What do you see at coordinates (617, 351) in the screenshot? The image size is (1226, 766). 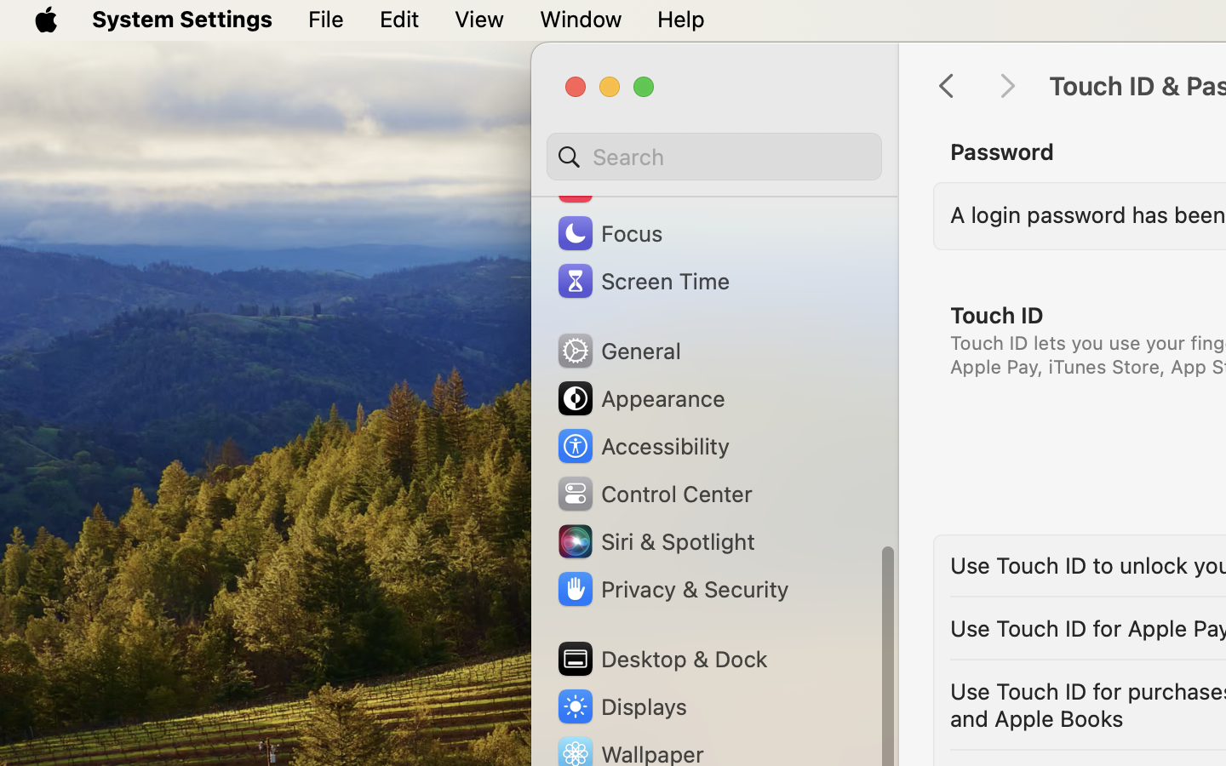 I see `'General'` at bounding box center [617, 351].